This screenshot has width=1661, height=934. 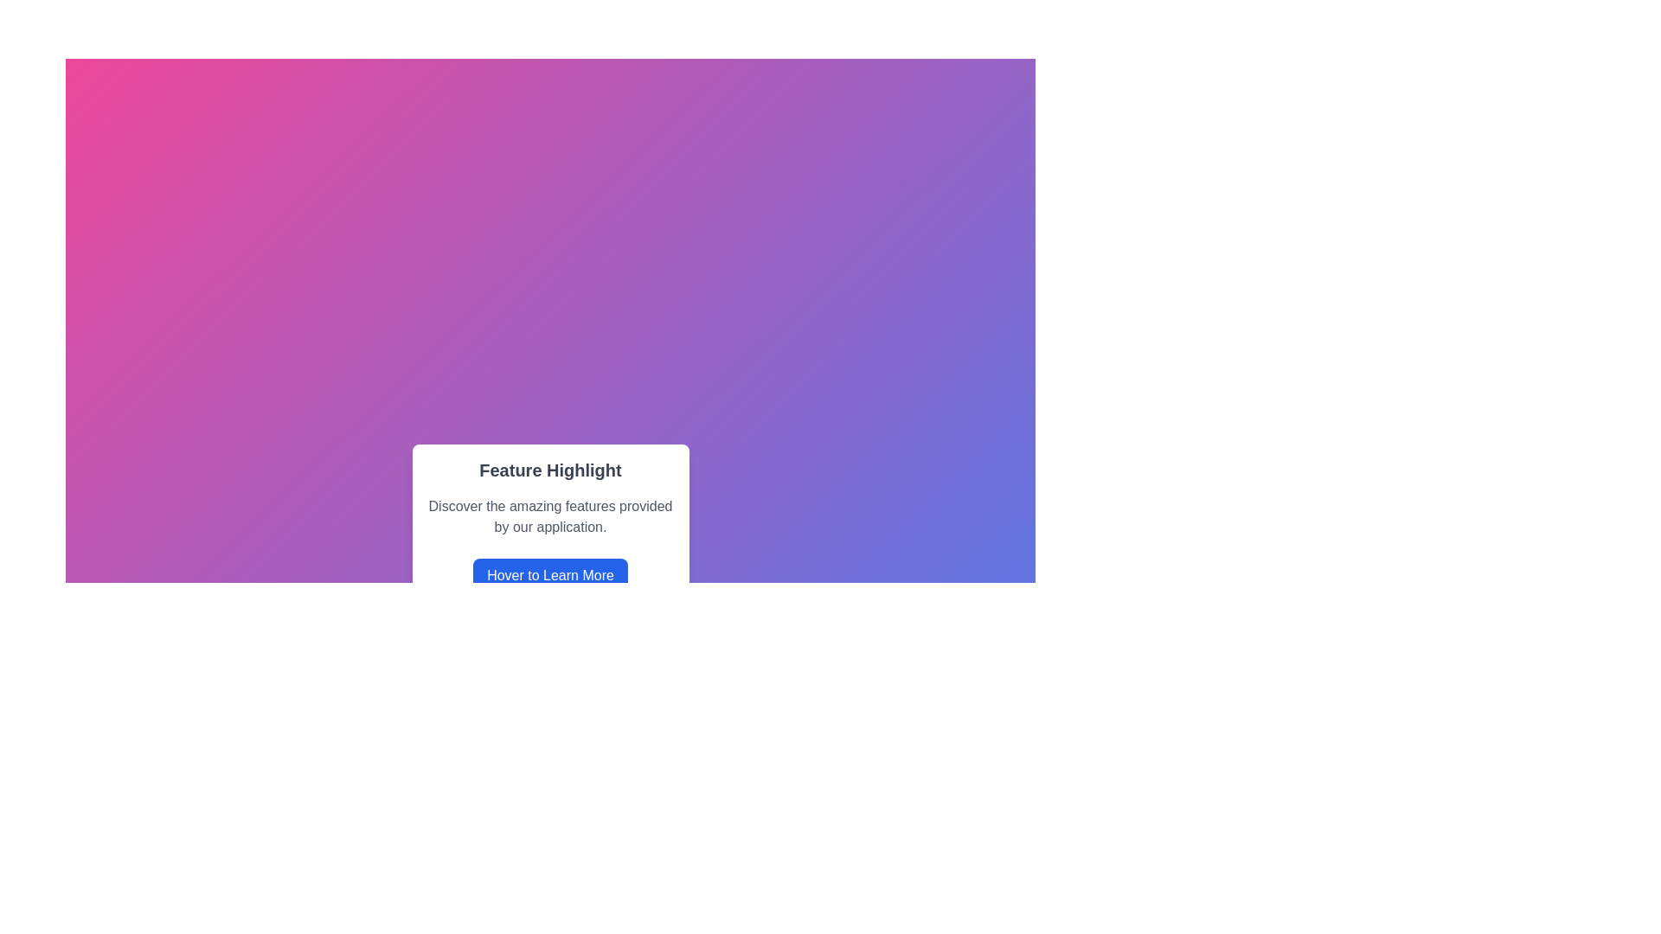 I want to click on the button labeled 'Hover, so click(x=549, y=576).